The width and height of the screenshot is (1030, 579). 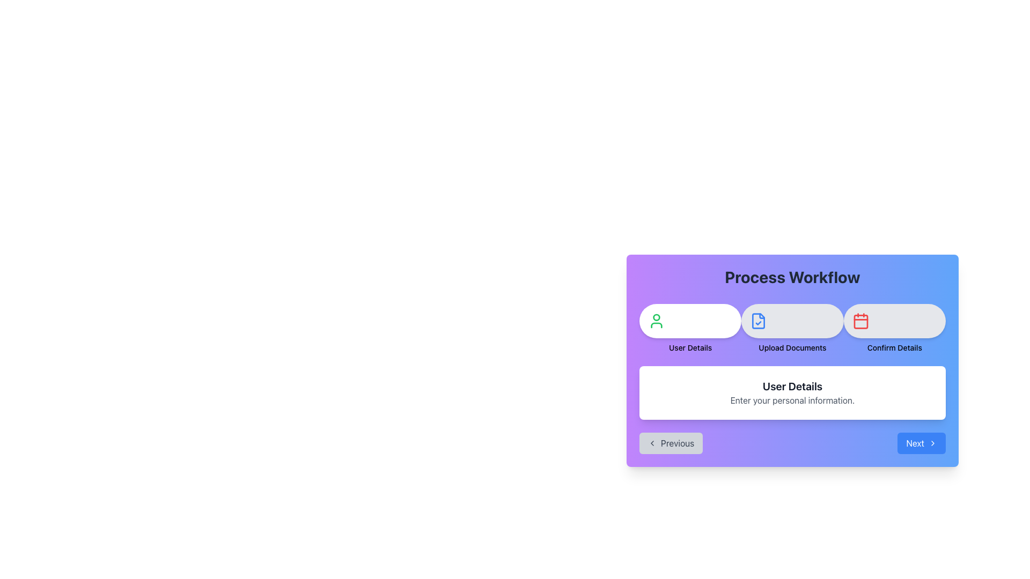 I want to click on the button representing the document upload step in the workflow process, so click(x=792, y=328).